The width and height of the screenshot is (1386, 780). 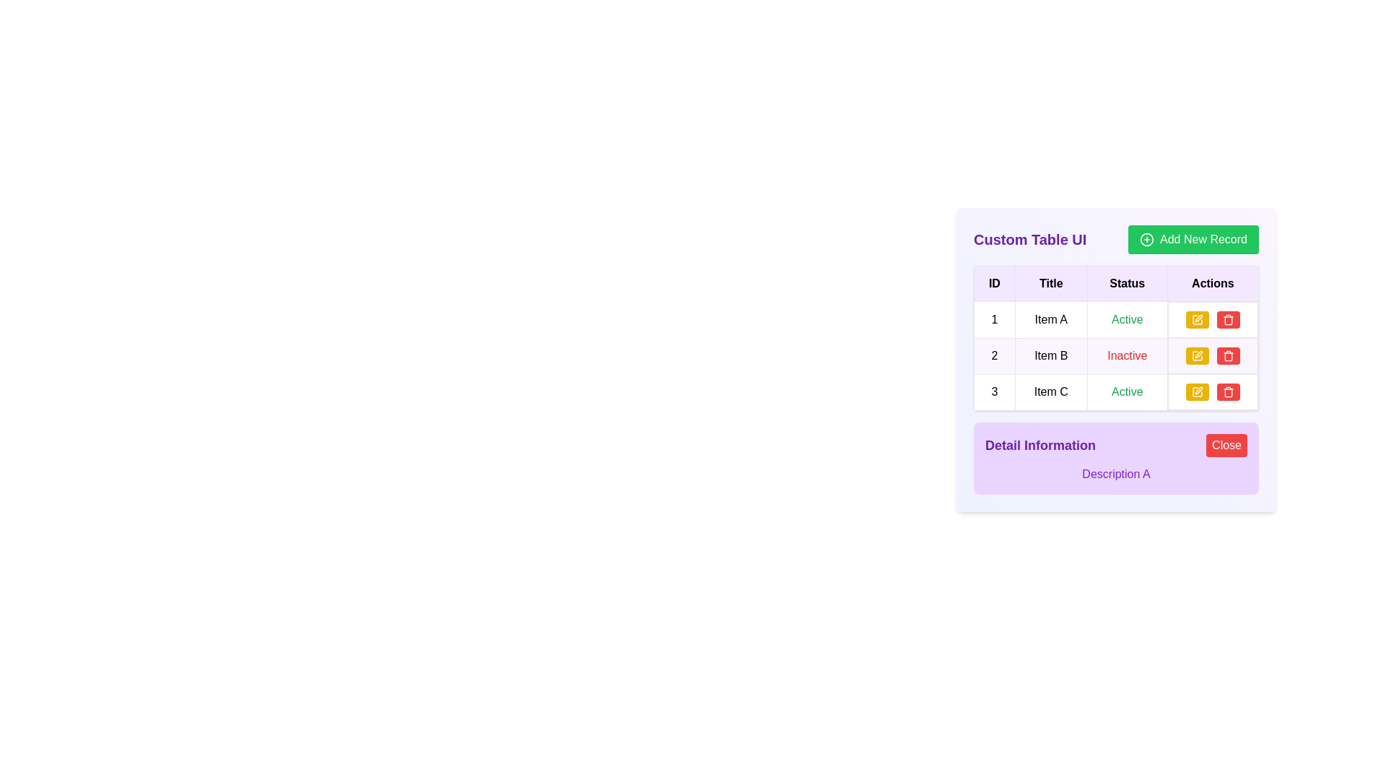 What do you see at coordinates (1126, 391) in the screenshot?
I see `the 'Active' status label in the third row of the status column in the data table, indicating that the record is currently active` at bounding box center [1126, 391].